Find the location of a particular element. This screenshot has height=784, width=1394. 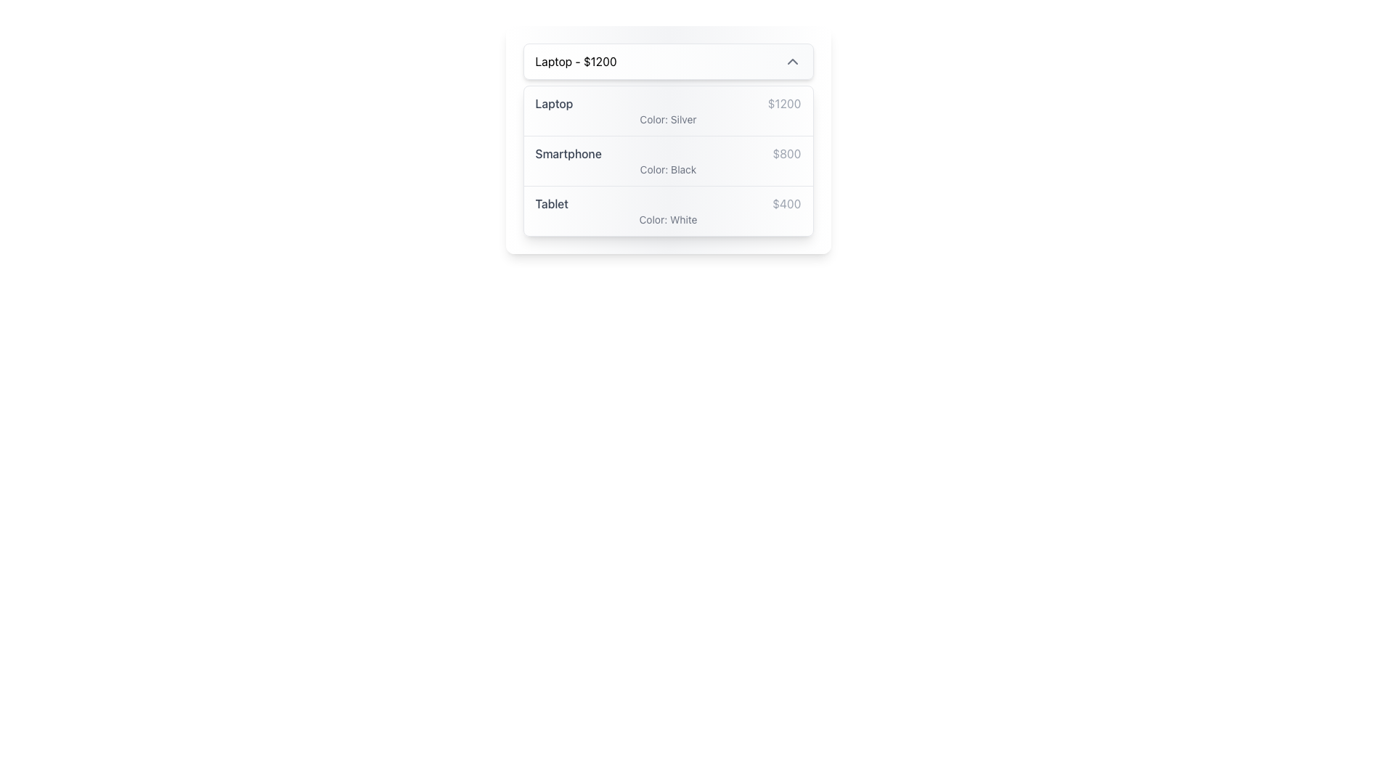

the Label element displaying the value '$1200' in gray font color, positioned to the right of 'Laptop' in the first row of a card-like interface is located at coordinates (783, 102).